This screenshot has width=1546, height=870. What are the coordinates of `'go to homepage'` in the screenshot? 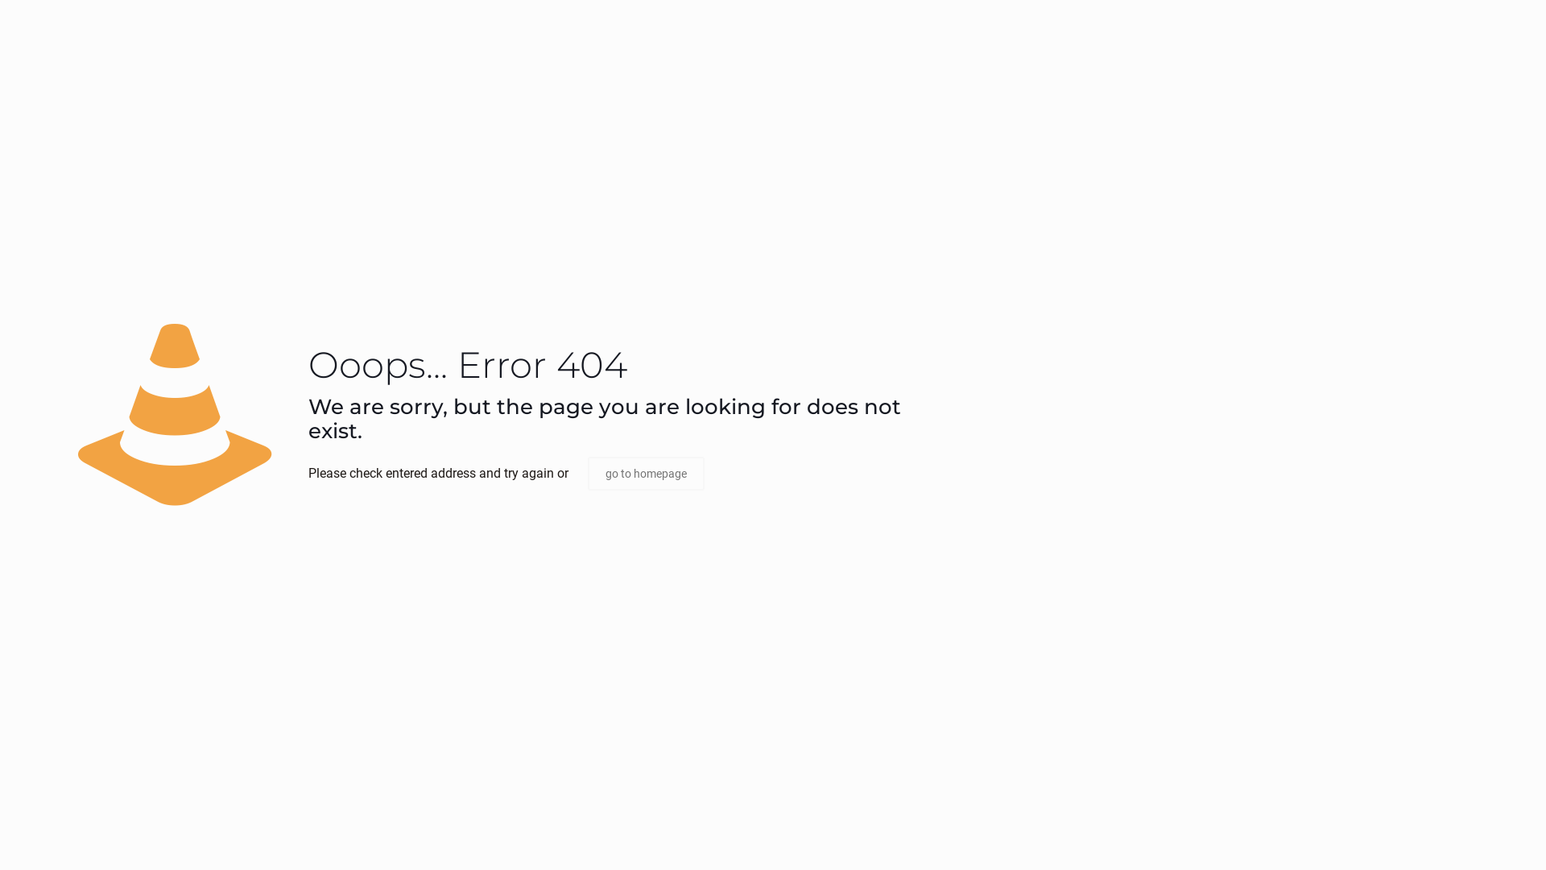 It's located at (646, 472).